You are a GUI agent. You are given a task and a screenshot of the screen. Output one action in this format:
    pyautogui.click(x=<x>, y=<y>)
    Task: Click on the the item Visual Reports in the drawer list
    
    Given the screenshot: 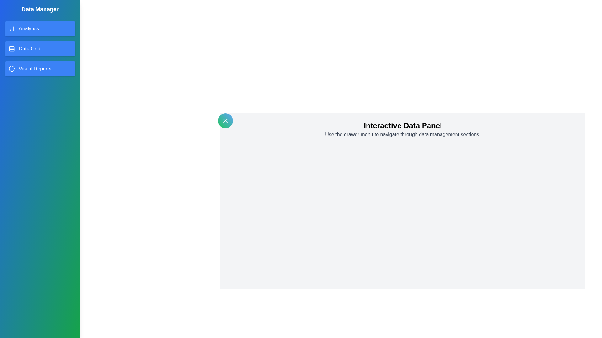 What is the action you would take?
    pyautogui.click(x=40, y=69)
    